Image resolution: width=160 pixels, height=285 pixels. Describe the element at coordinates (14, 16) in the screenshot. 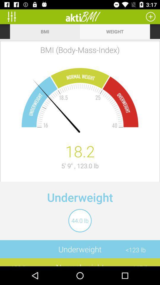

I see `adjust levels` at that location.